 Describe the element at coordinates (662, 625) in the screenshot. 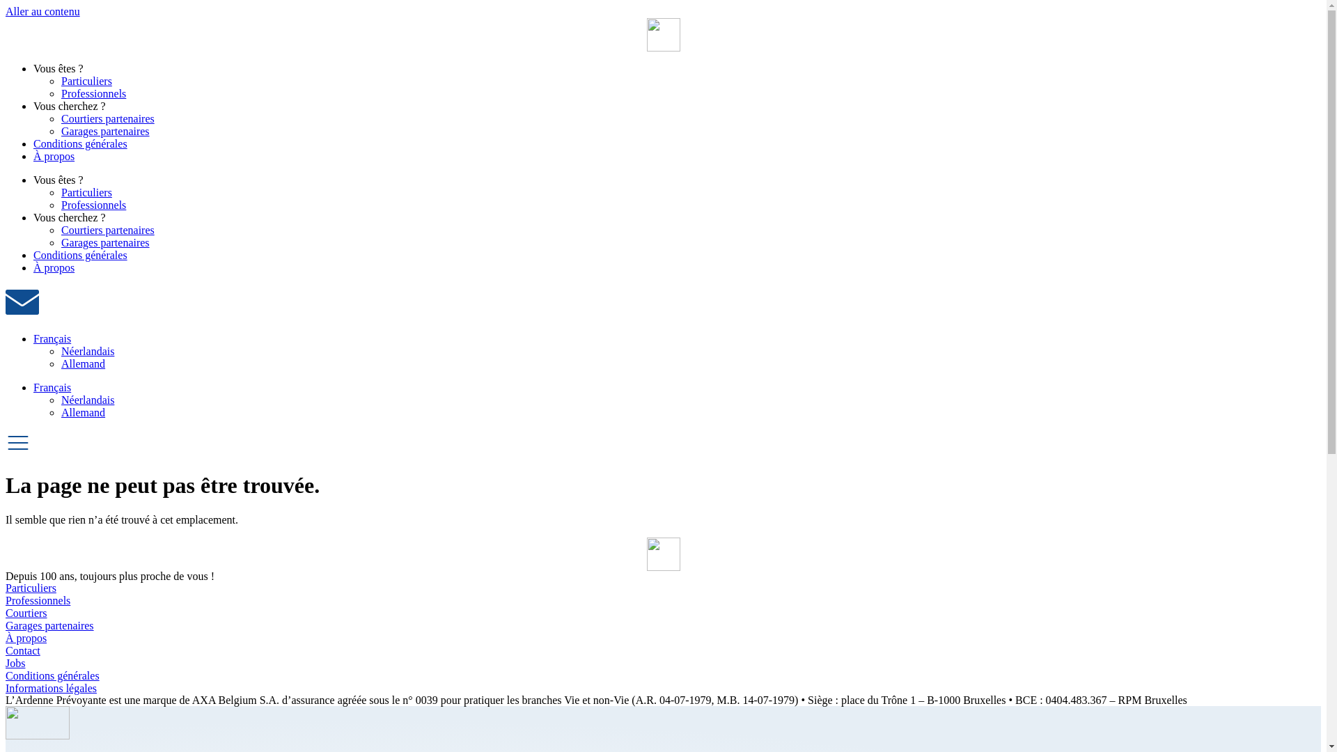

I see `'Garages partenaires'` at that location.